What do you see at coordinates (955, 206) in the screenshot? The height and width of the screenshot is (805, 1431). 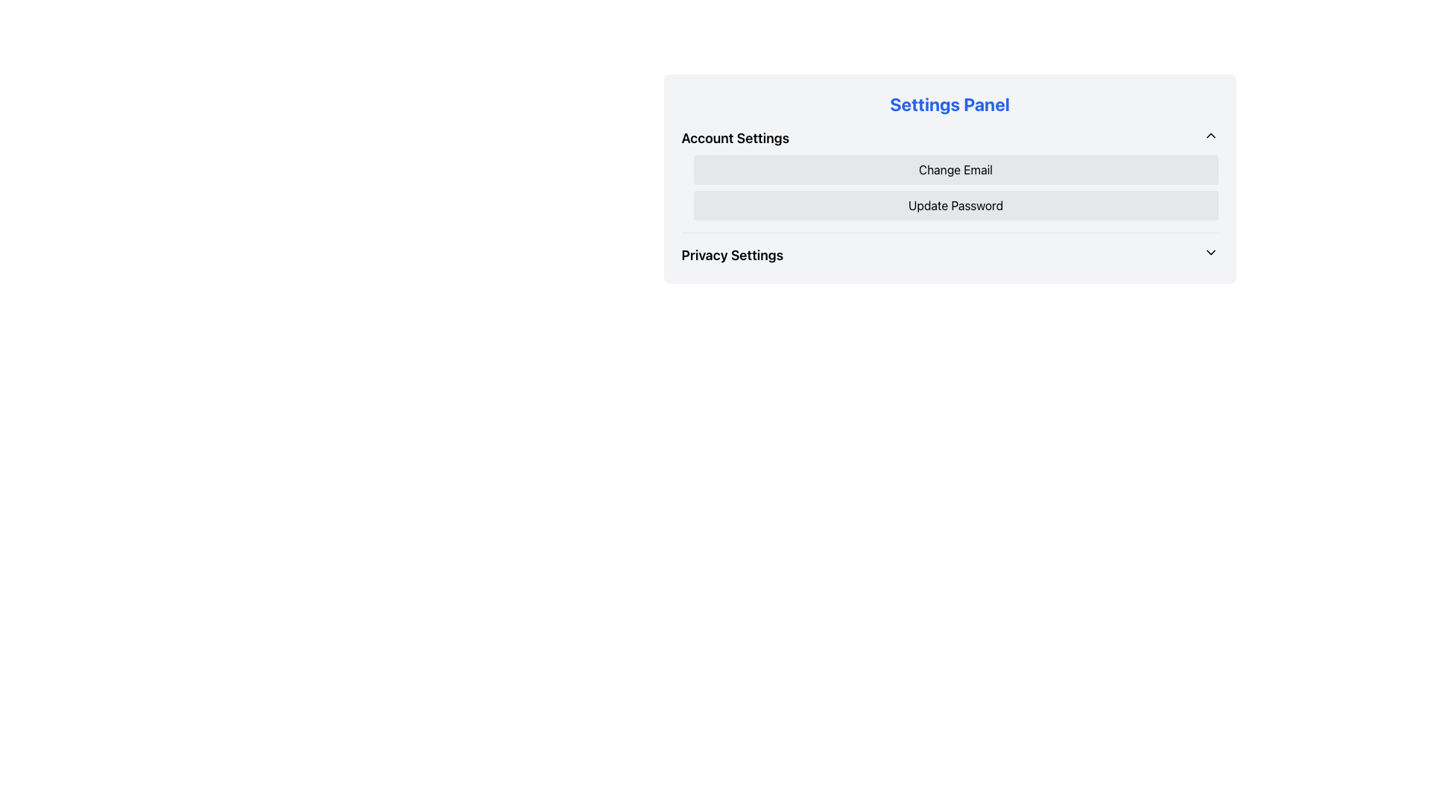 I see `the 'Update Password' button located below the 'Change Email' button in the Account Settings section` at bounding box center [955, 206].